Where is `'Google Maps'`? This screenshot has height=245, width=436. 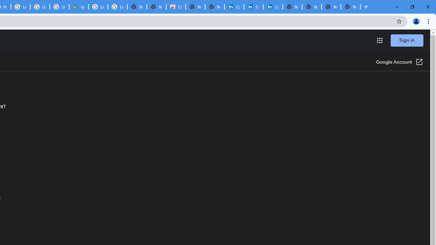 'Google Maps' is located at coordinates (79, 7).